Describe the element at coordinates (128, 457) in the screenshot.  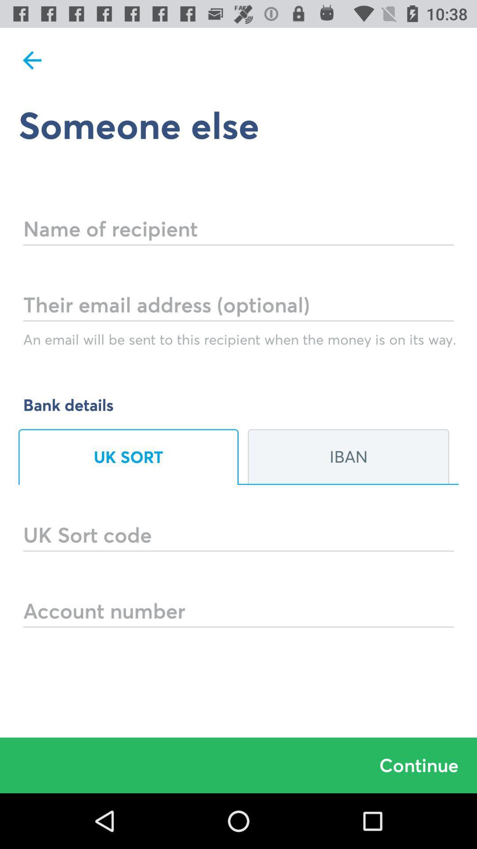
I see `item next to iban` at that location.